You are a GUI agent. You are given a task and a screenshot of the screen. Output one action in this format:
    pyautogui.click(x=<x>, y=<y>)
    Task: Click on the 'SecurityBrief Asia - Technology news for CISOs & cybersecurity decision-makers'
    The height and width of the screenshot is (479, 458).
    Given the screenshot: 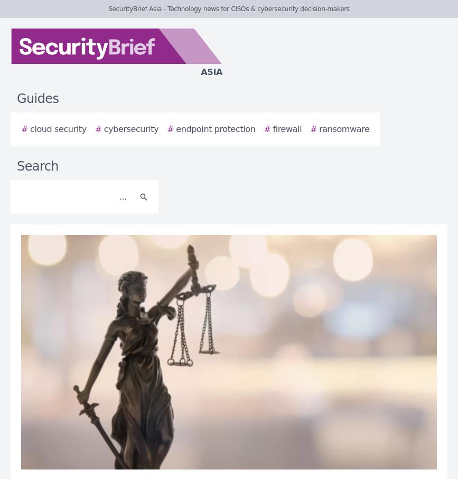 What is the action you would take?
    pyautogui.click(x=228, y=8)
    